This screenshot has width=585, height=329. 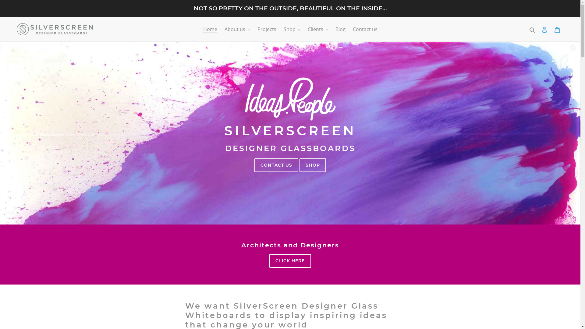 I want to click on 'Clients', so click(x=317, y=29).